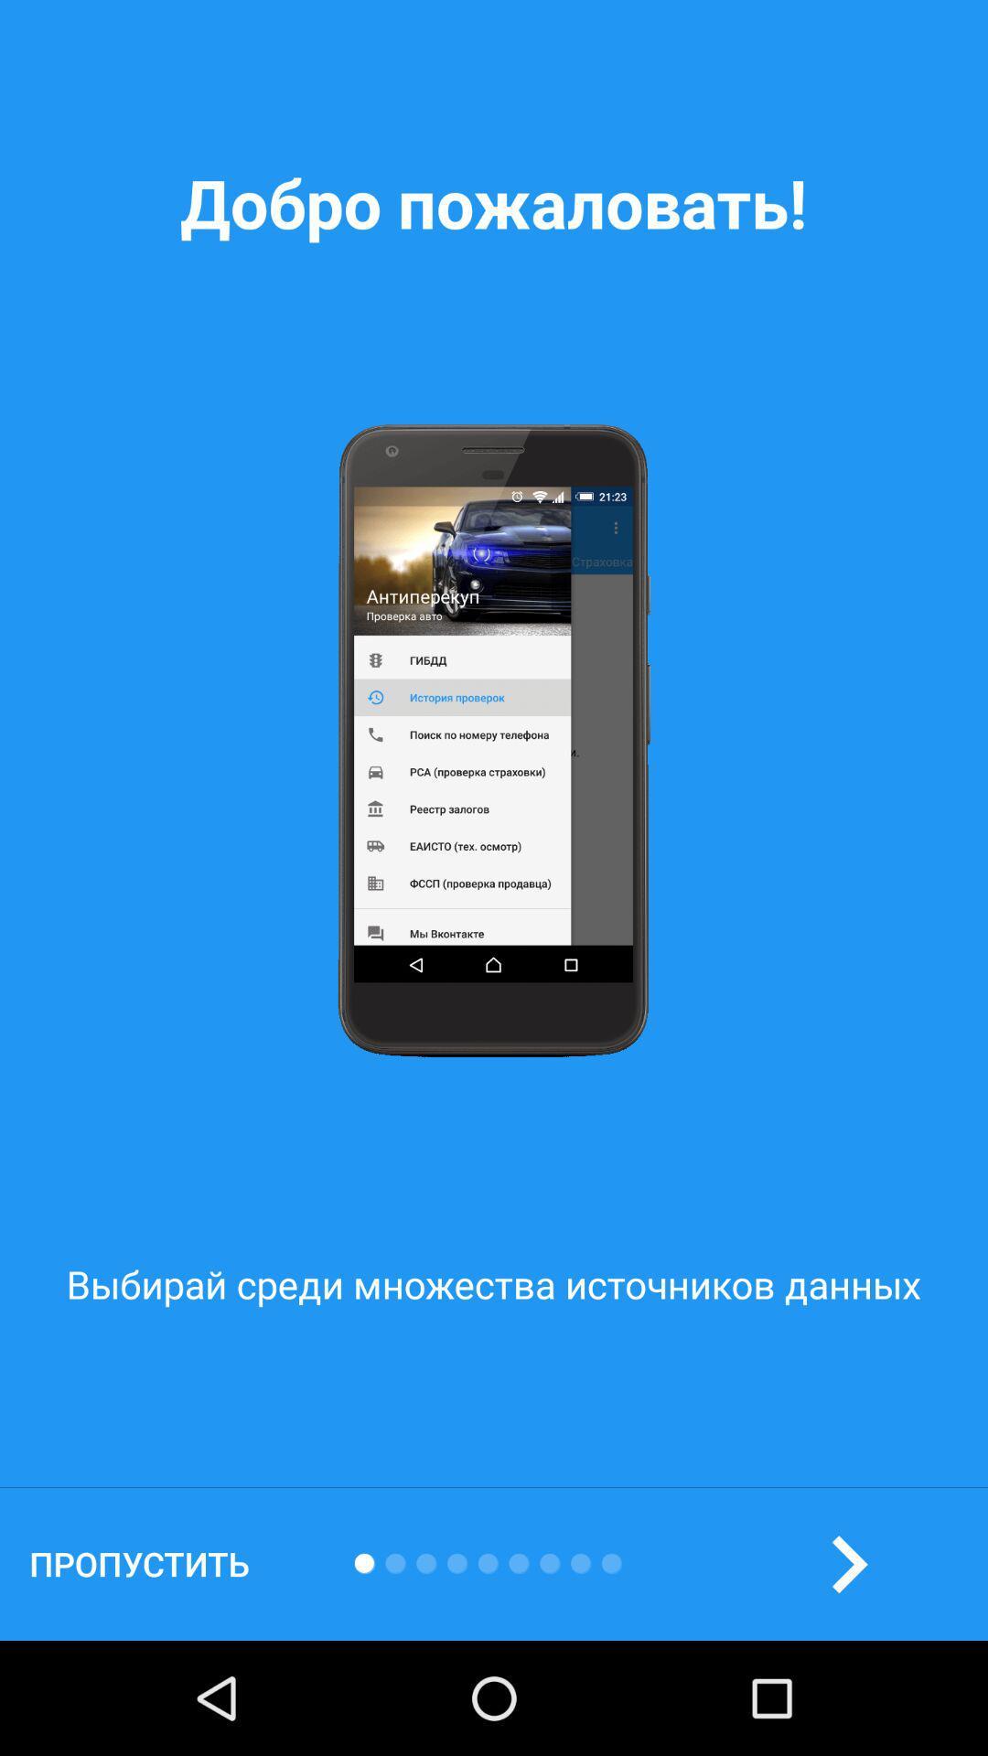  What do you see at coordinates (848, 1563) in the screenshot?
I see `the arrow_forward icon` at bounding box center [848, 1563].